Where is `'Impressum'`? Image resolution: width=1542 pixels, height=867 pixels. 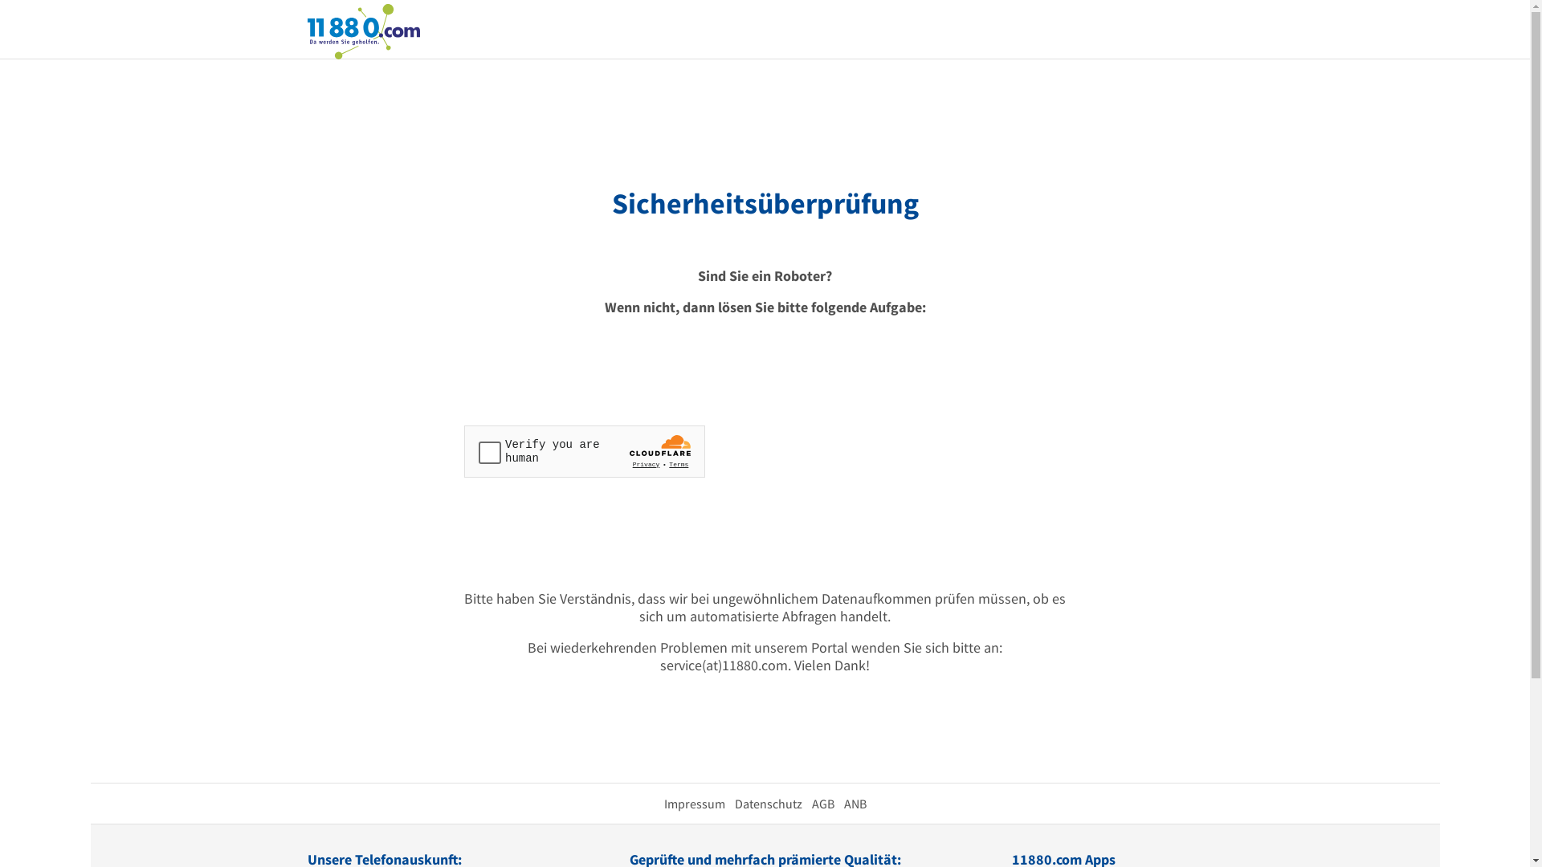
'Impressum' is located at coordinates (694, 804).